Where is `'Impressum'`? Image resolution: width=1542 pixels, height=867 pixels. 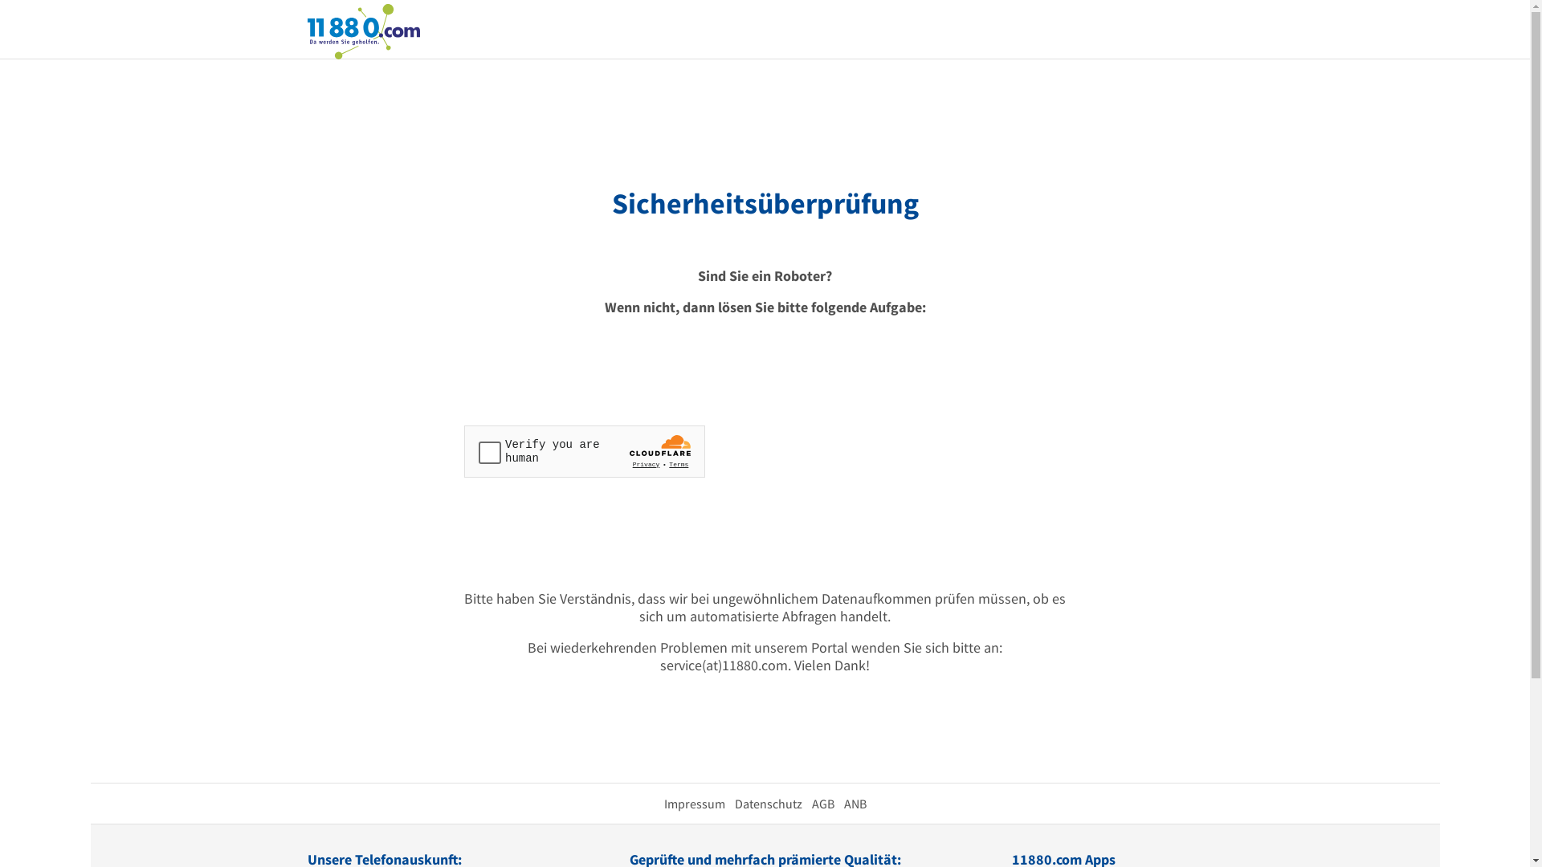
'Impressum' is located at coordinates (694, 804).